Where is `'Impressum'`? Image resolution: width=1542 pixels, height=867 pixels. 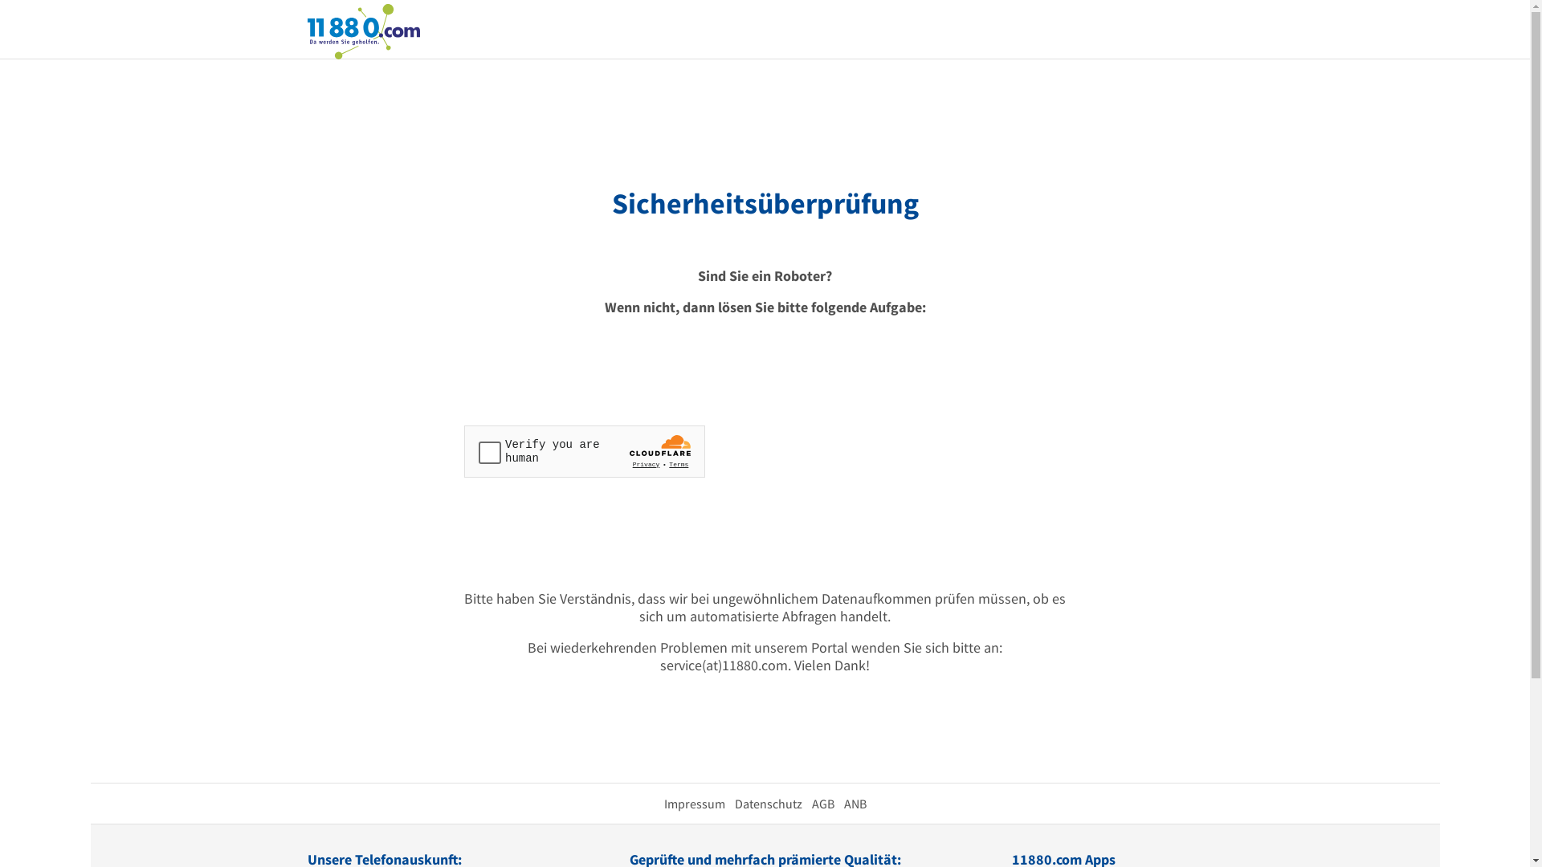
'Impressum' is located at coordinates (694, 804).